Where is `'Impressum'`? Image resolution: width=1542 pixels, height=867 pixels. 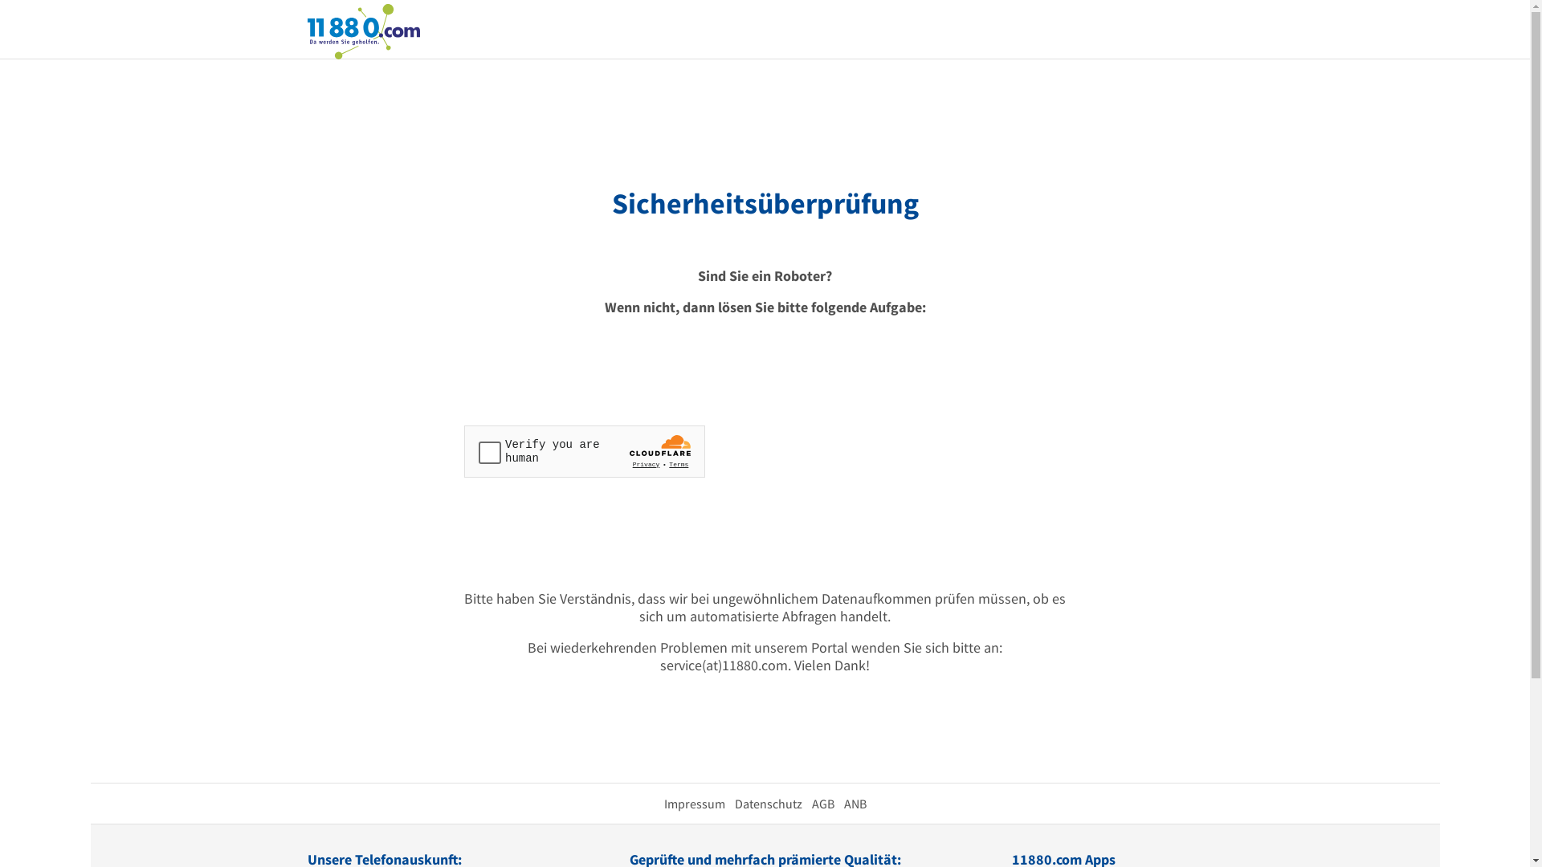
'Impressum' is located at coordinates (694, 804).